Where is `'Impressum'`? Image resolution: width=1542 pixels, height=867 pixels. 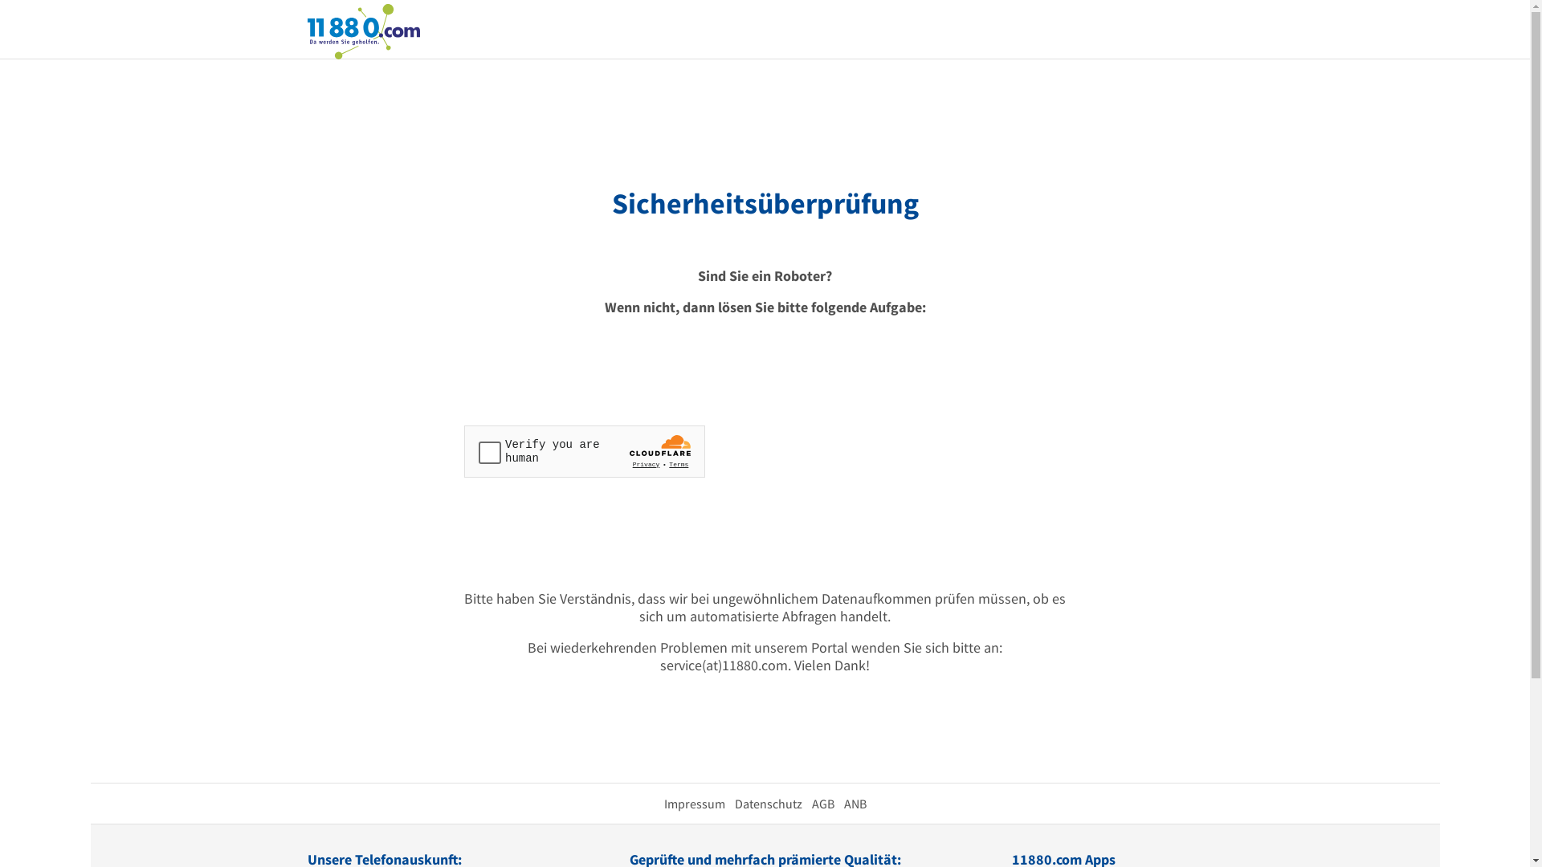
'Impressum' is located at coordinates (694, 804).